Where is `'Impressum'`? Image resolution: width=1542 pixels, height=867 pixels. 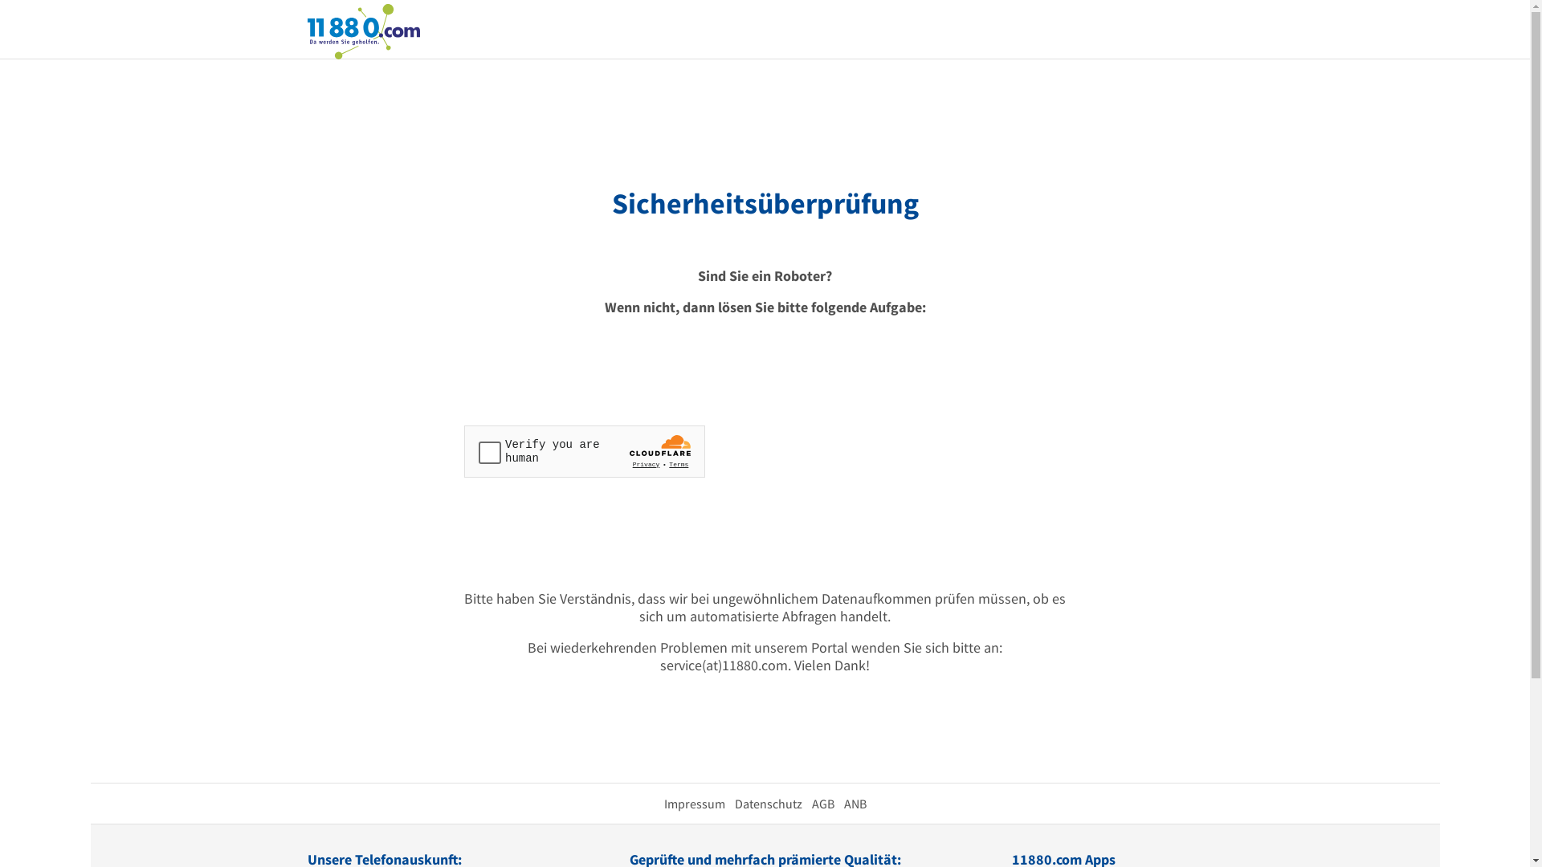
'Impressum' is located at coordinates (694, 804).